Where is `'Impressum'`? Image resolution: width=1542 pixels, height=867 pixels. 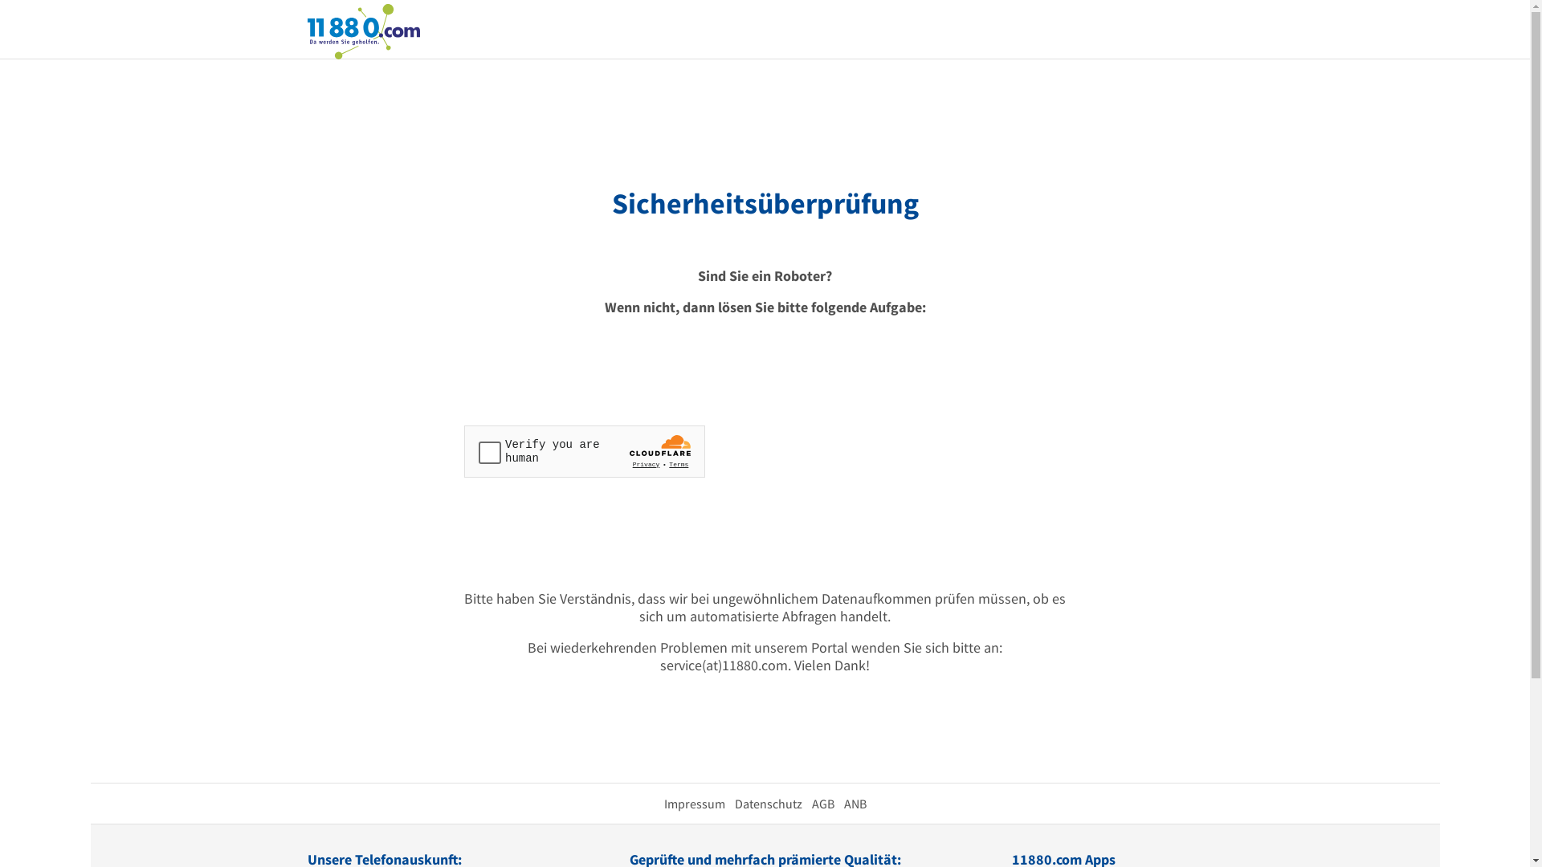
'Impressum' is located at coordinates (694, 804).